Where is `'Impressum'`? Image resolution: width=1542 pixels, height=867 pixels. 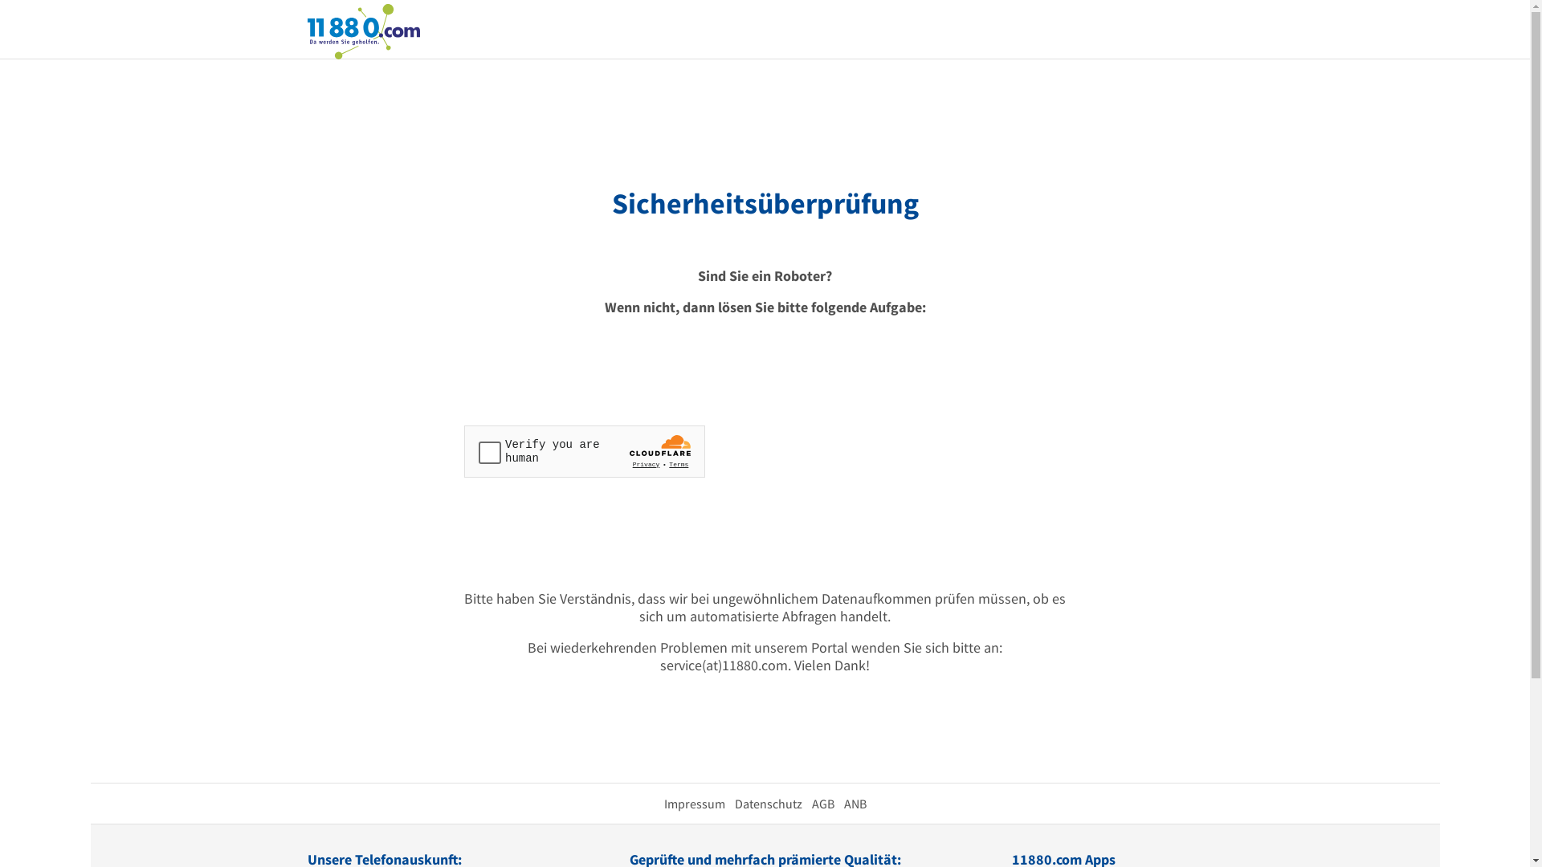
'Impressum' is located at coordinates (694, 804).